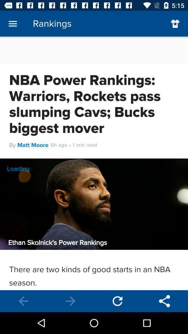 This screenshot has height=334, width=188. What do you see at coordinates (23, 301) in the screenshot?
I see `the arrow_backward icon` at bounding box center [23, 301].